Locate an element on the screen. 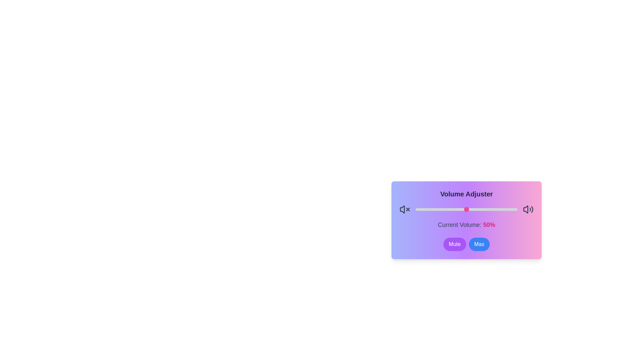 The image size is (644, 362). the volume to 24 percent by dragging the slider is located at coordinates (440, 209).